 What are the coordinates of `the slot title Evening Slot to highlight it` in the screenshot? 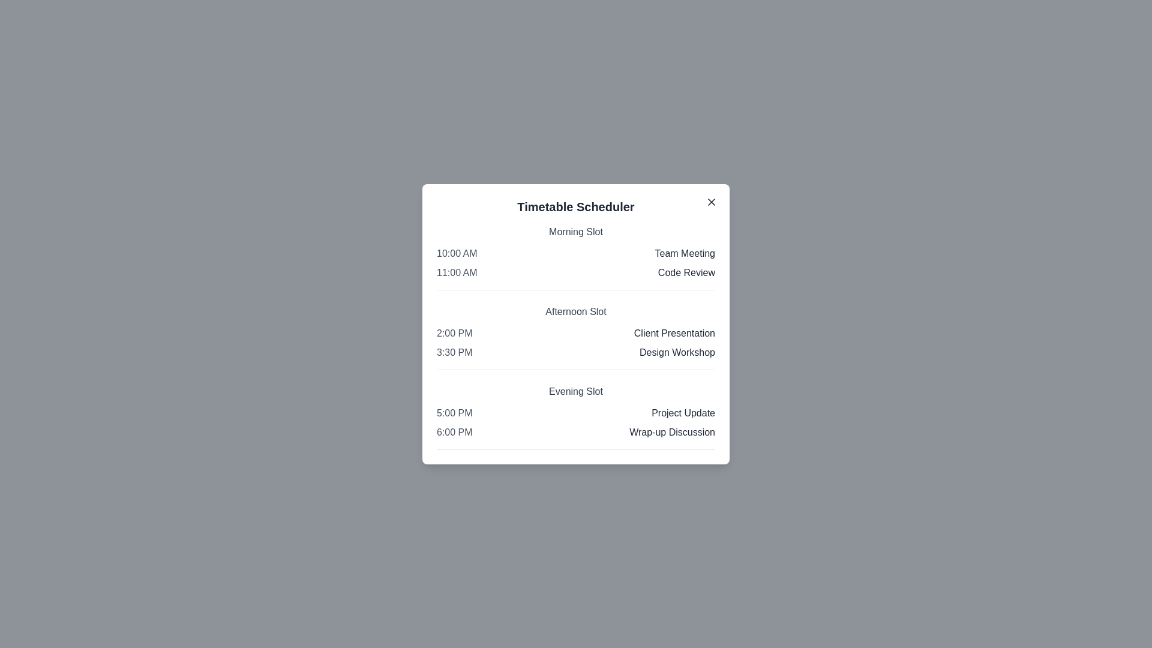 It's located at (576, 391).